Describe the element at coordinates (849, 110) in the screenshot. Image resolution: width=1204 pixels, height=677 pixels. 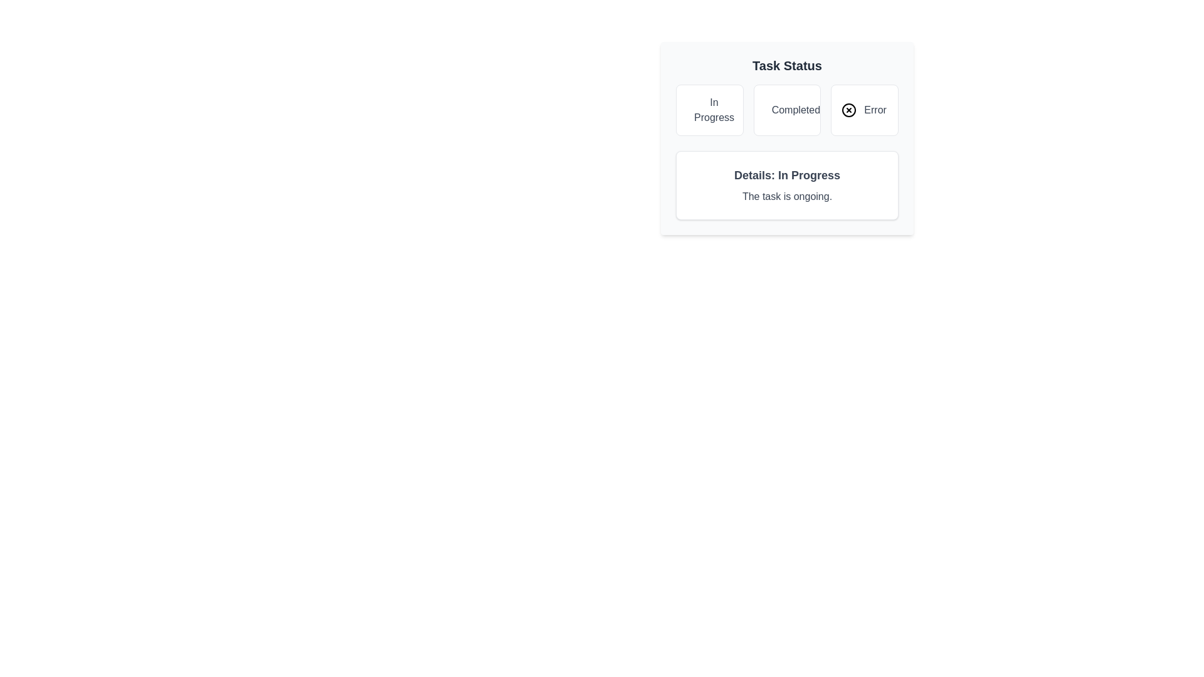
I see `the error status indicator icon located in the top-right quadrant of the interface` at that location.